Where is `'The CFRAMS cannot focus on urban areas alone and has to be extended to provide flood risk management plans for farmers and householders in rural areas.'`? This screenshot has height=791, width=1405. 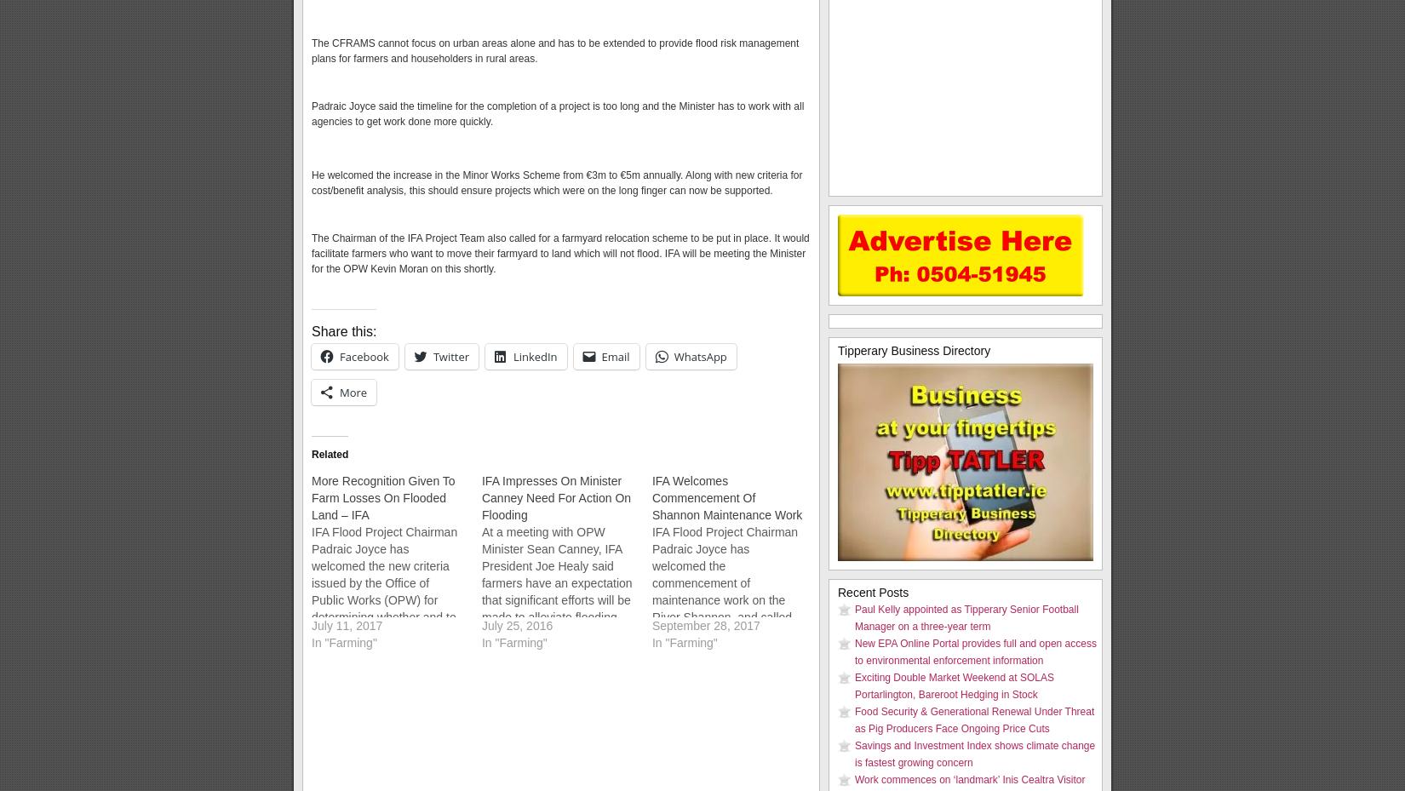
'The CFRAMS cannot focus on urban areas alone and has to be extended to provide flood risk management plans for farmers and householders in rural areas.' is located at coordinates (554, 50).